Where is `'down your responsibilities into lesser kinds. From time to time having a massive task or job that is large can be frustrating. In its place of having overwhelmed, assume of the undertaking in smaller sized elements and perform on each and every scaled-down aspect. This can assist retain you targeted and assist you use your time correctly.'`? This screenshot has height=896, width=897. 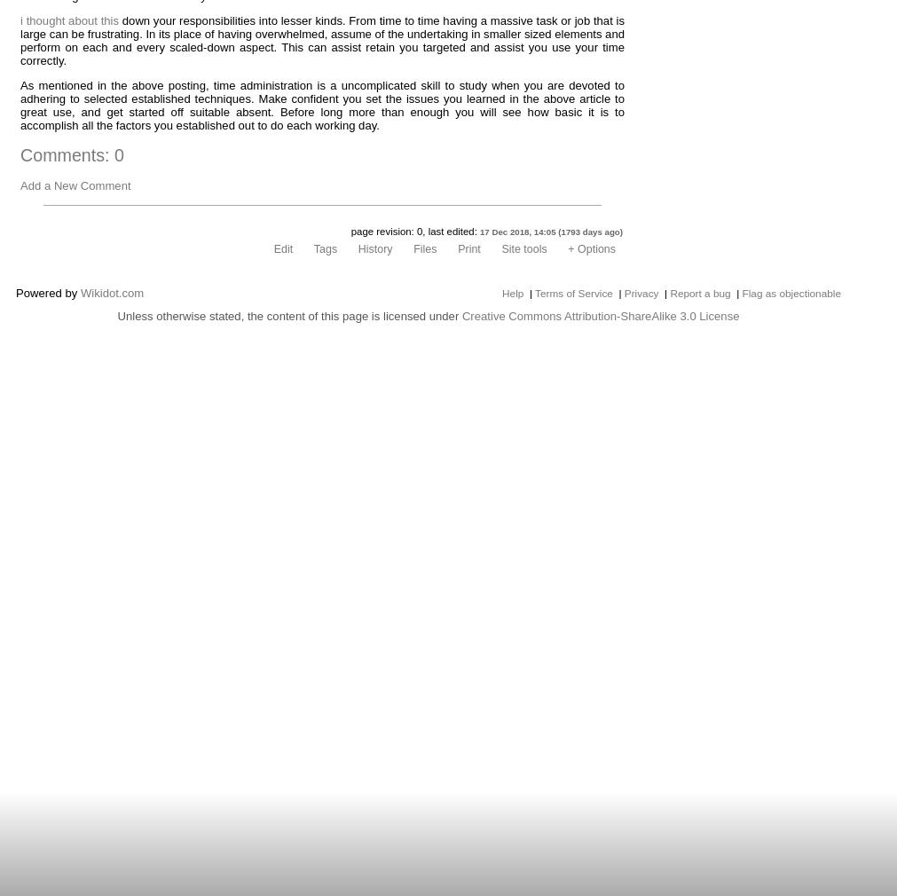
'down your responsibilities into lesser kinds. From time to time having a massive task or job that is large can be frustrating. In its place of having overwhelmed, assume of the undertaking in smaller sized elements and perform on each and every scaled-down aspect. This can assist retain you targeted and assist you use your time correctly.' is located at coordinates (321, 39).